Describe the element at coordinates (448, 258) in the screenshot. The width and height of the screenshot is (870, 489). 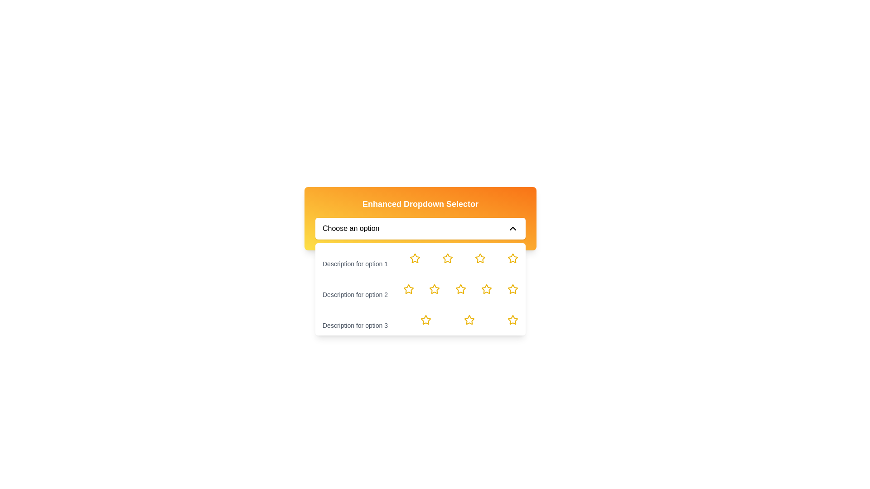
I see `the second star icon in the row of five yellow stars within the 'Option 1' section` at that location.